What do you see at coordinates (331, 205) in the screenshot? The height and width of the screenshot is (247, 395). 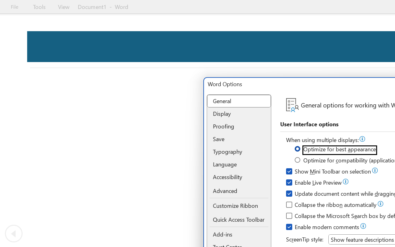 I see `'Collapse the ribbon automatically'` at bounding box center [331, 205].